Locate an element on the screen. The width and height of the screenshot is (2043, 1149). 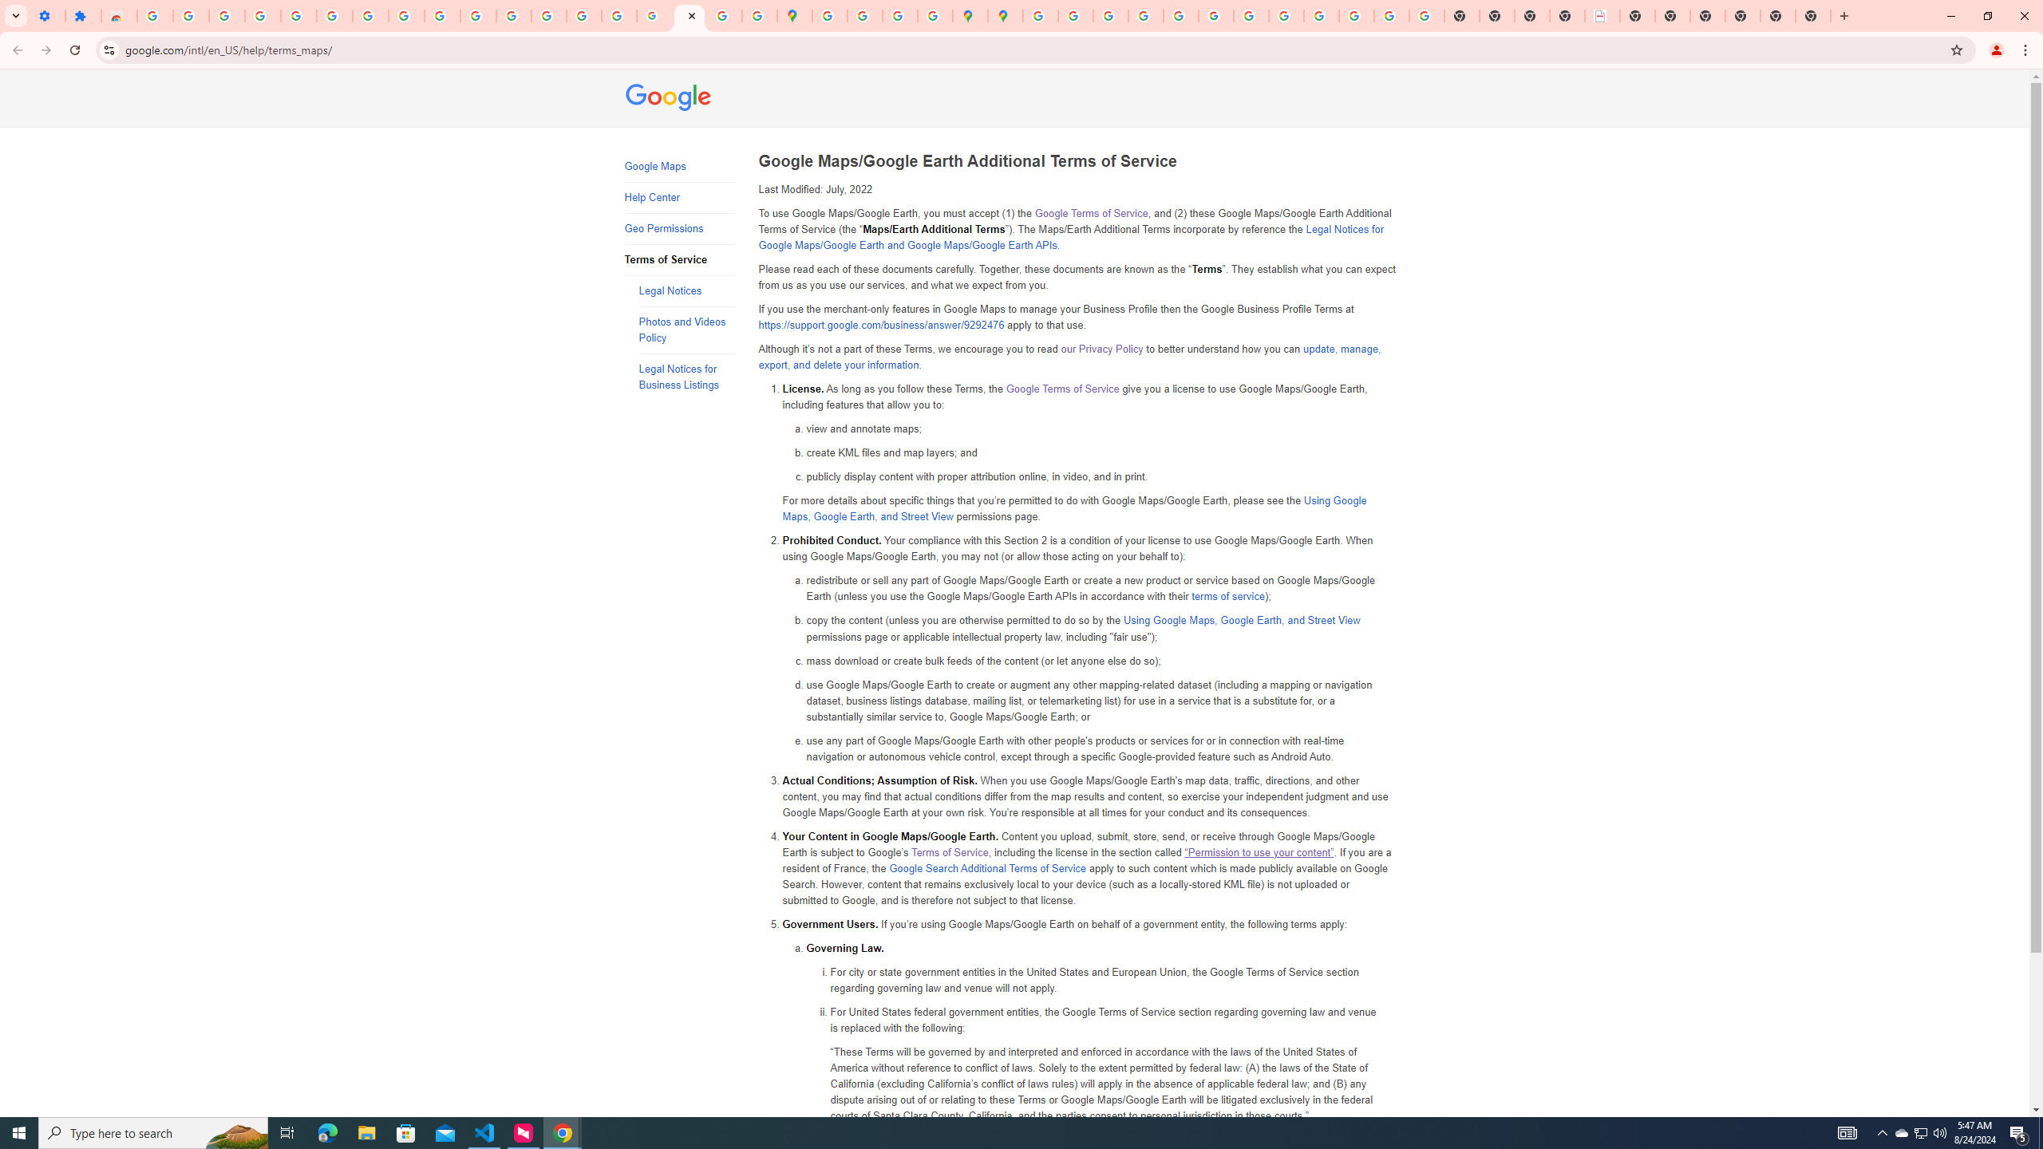
'Delete photos & videos - Computer - Google Photos Help' is located at coordinates (227, 15).